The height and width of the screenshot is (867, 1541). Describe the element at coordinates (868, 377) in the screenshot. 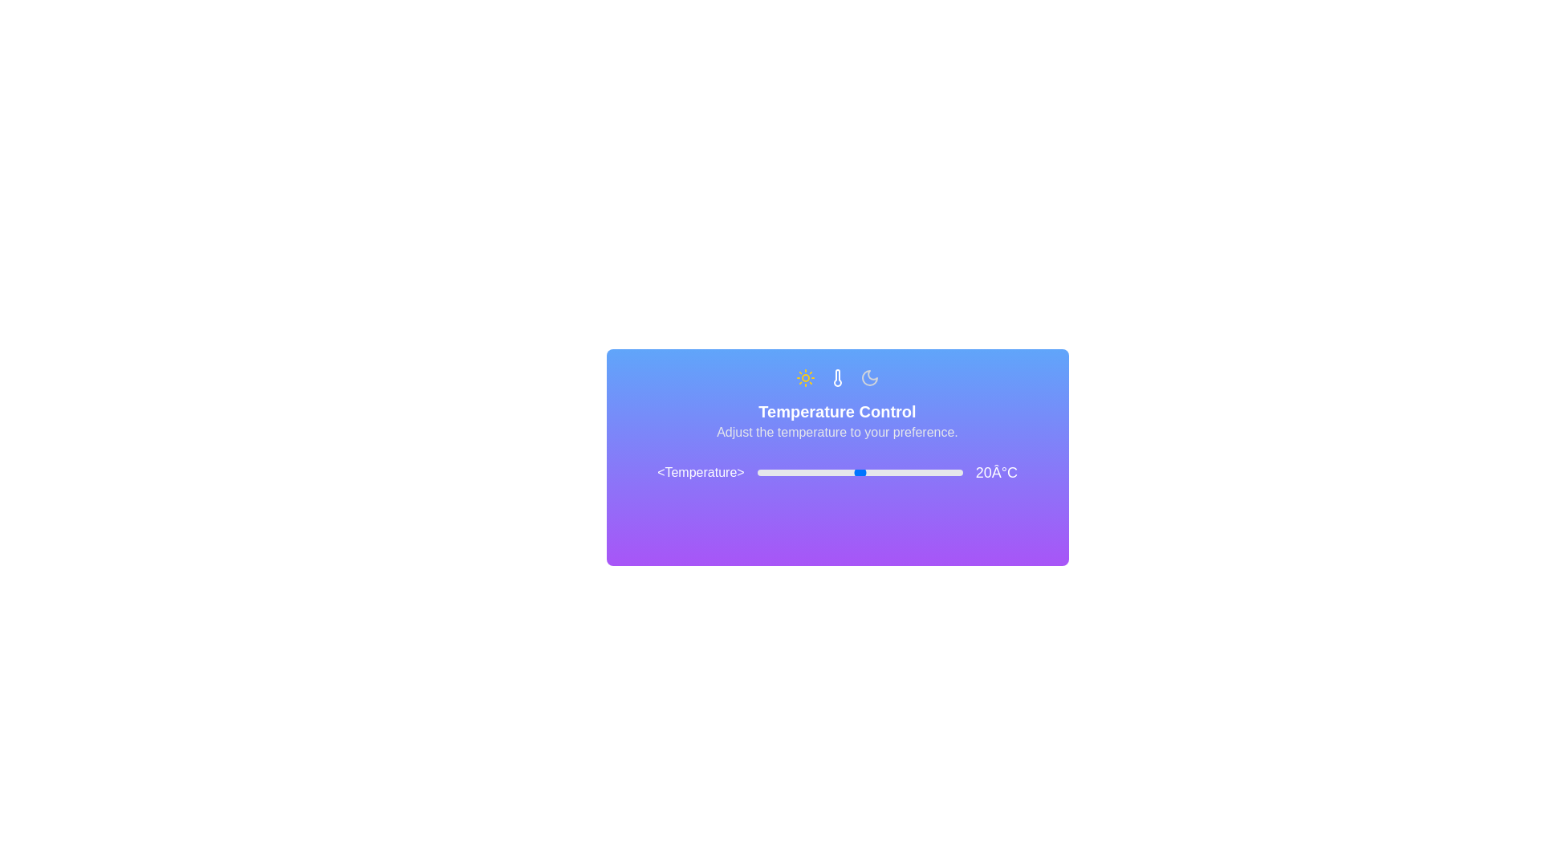

I see `the Moon icon to inspect its functionality` at that location.